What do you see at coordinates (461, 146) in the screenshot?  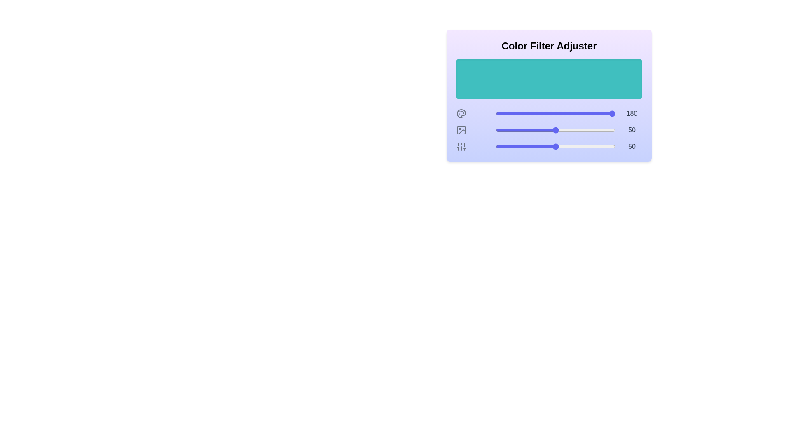 I see `the icon associated with the slider for Lightness adjustment` at bounding box center [461, 146].